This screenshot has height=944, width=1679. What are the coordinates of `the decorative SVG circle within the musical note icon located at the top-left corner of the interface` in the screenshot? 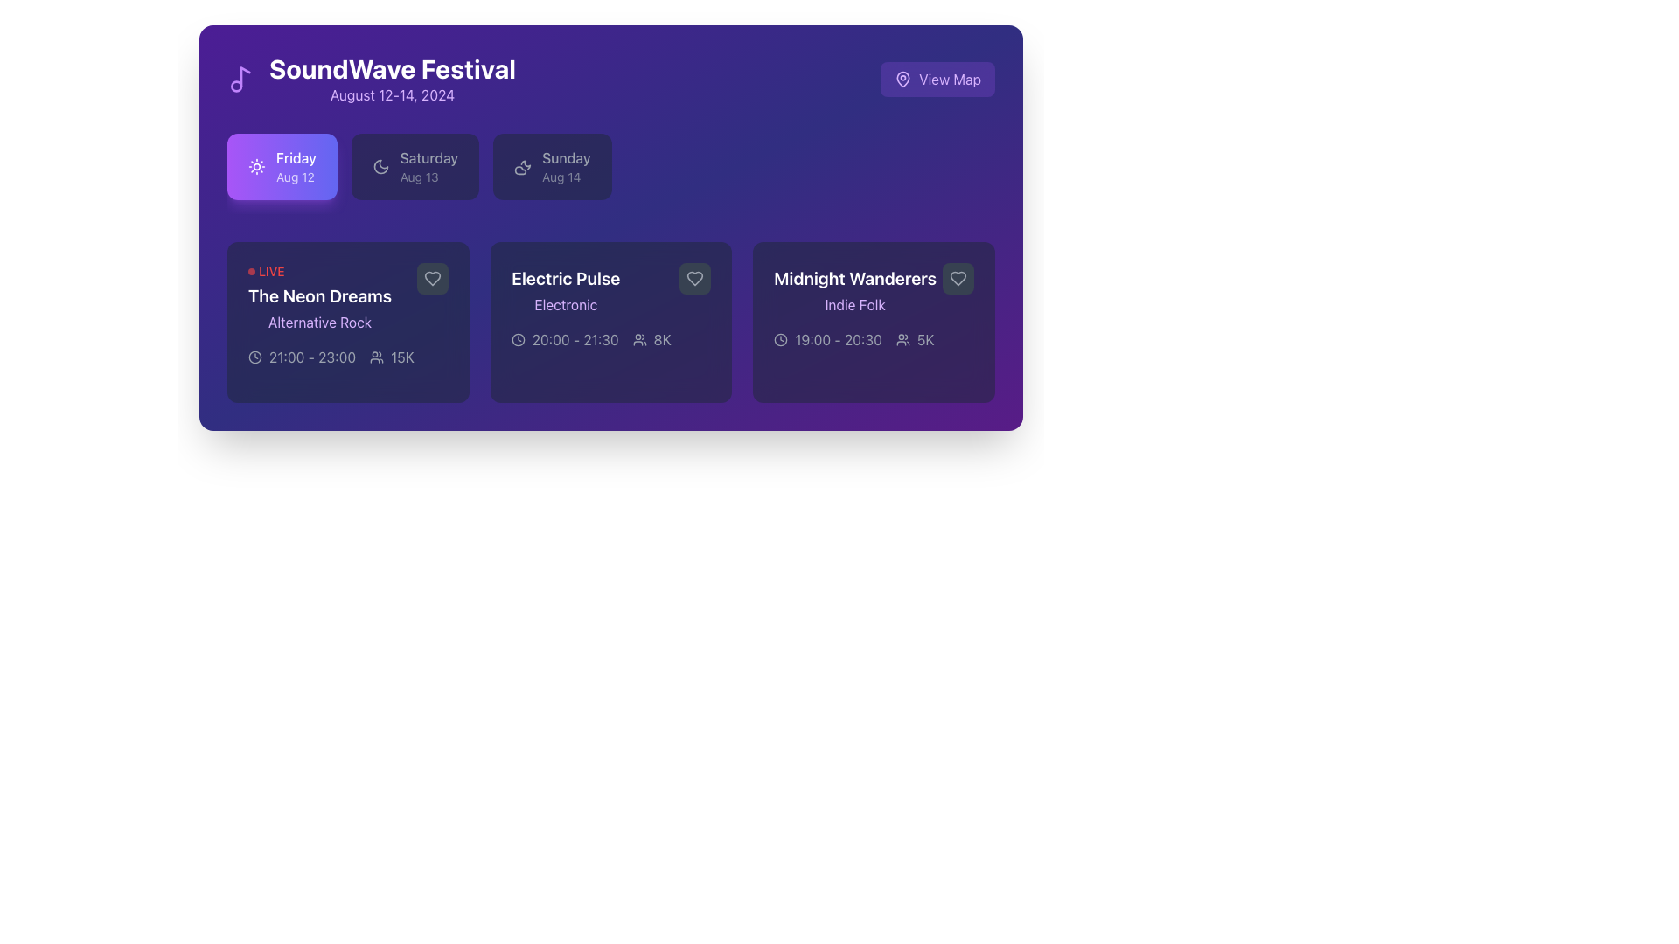 It's located at (235, 87).